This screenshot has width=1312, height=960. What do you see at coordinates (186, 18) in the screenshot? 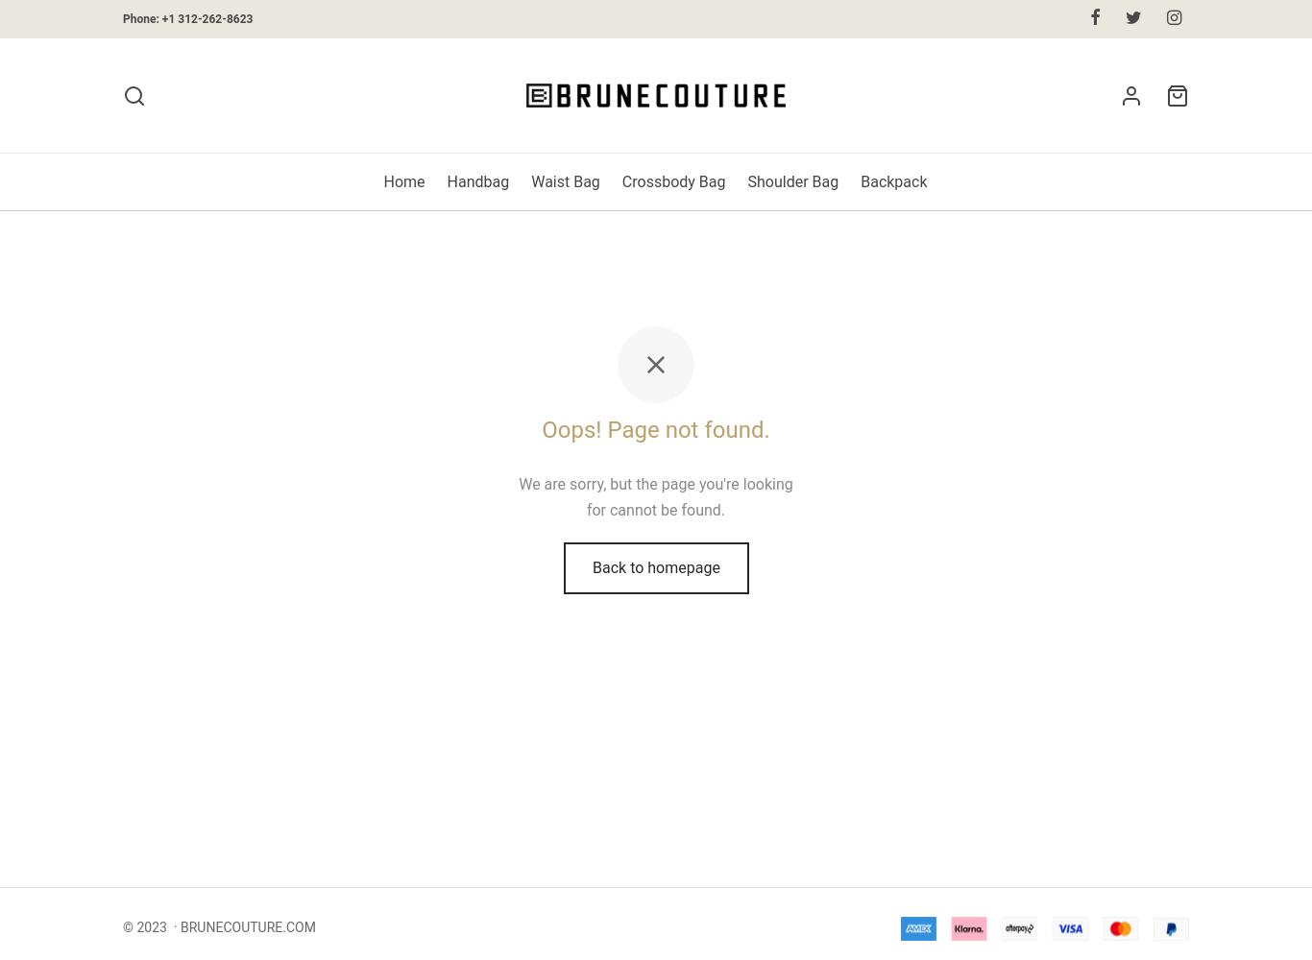
I see `'Phone: +1 312-262-8623'` at bounding box center [186, 18].